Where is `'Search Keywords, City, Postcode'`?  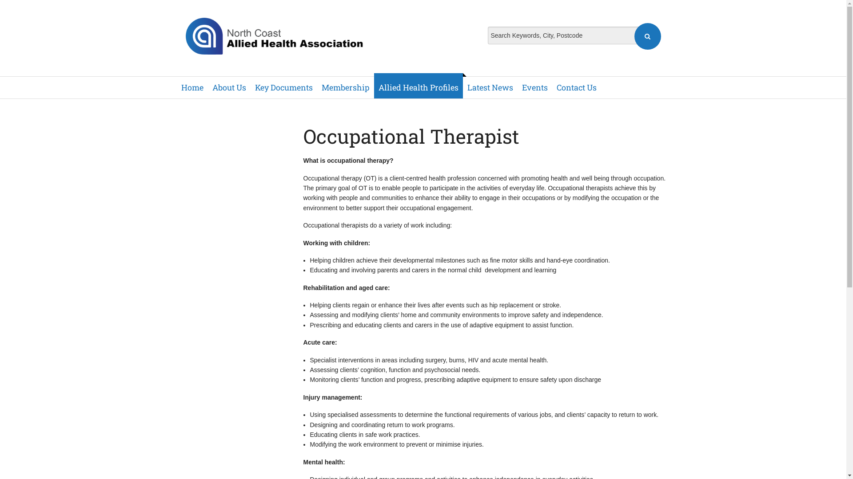
'Search Keywords, City, Postcode' is located at coordinates (487, 35).